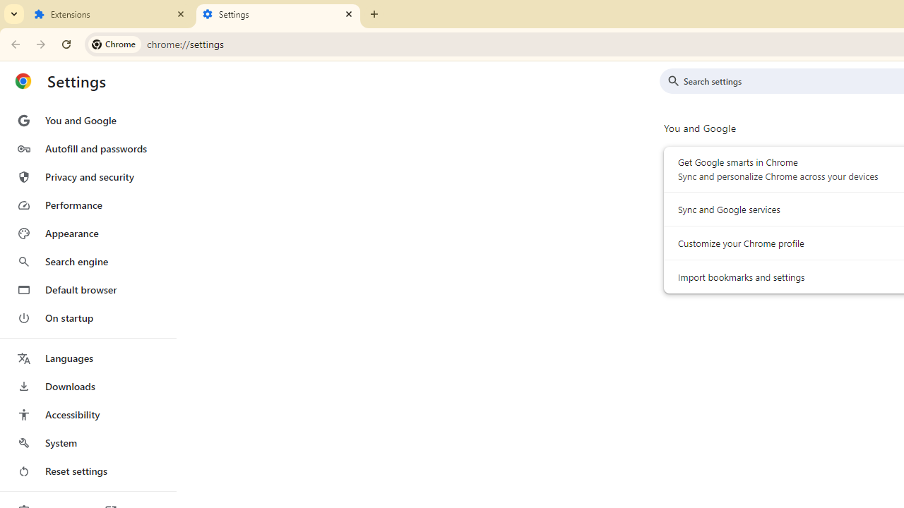 The image size is (904, 508). Describe the element at coordinates (87, 233) in the screenshot. I see `'Appearance'` at that location.